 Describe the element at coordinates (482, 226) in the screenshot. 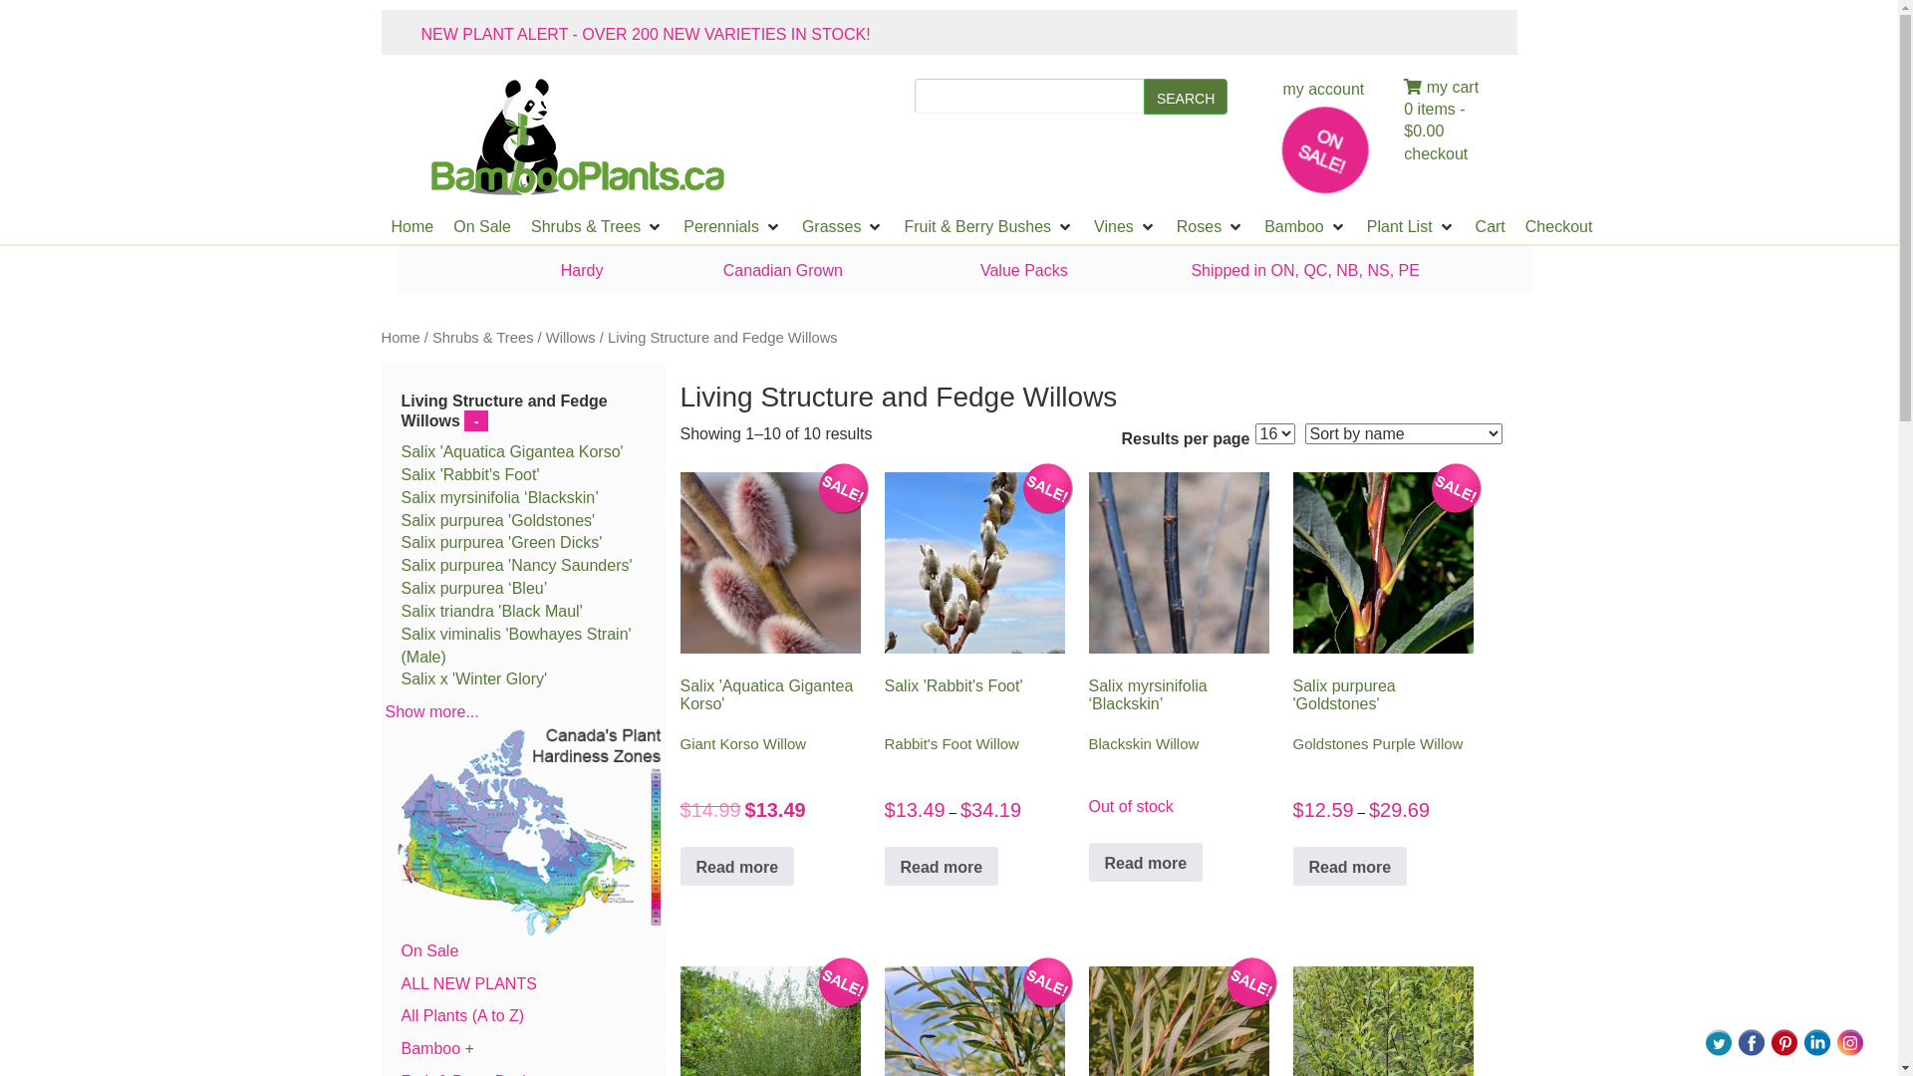

I see `'On Sale'` at that location.